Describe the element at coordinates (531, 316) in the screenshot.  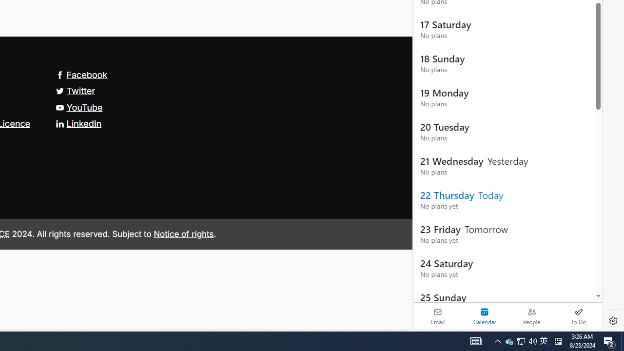
I see `'People'` at that location.